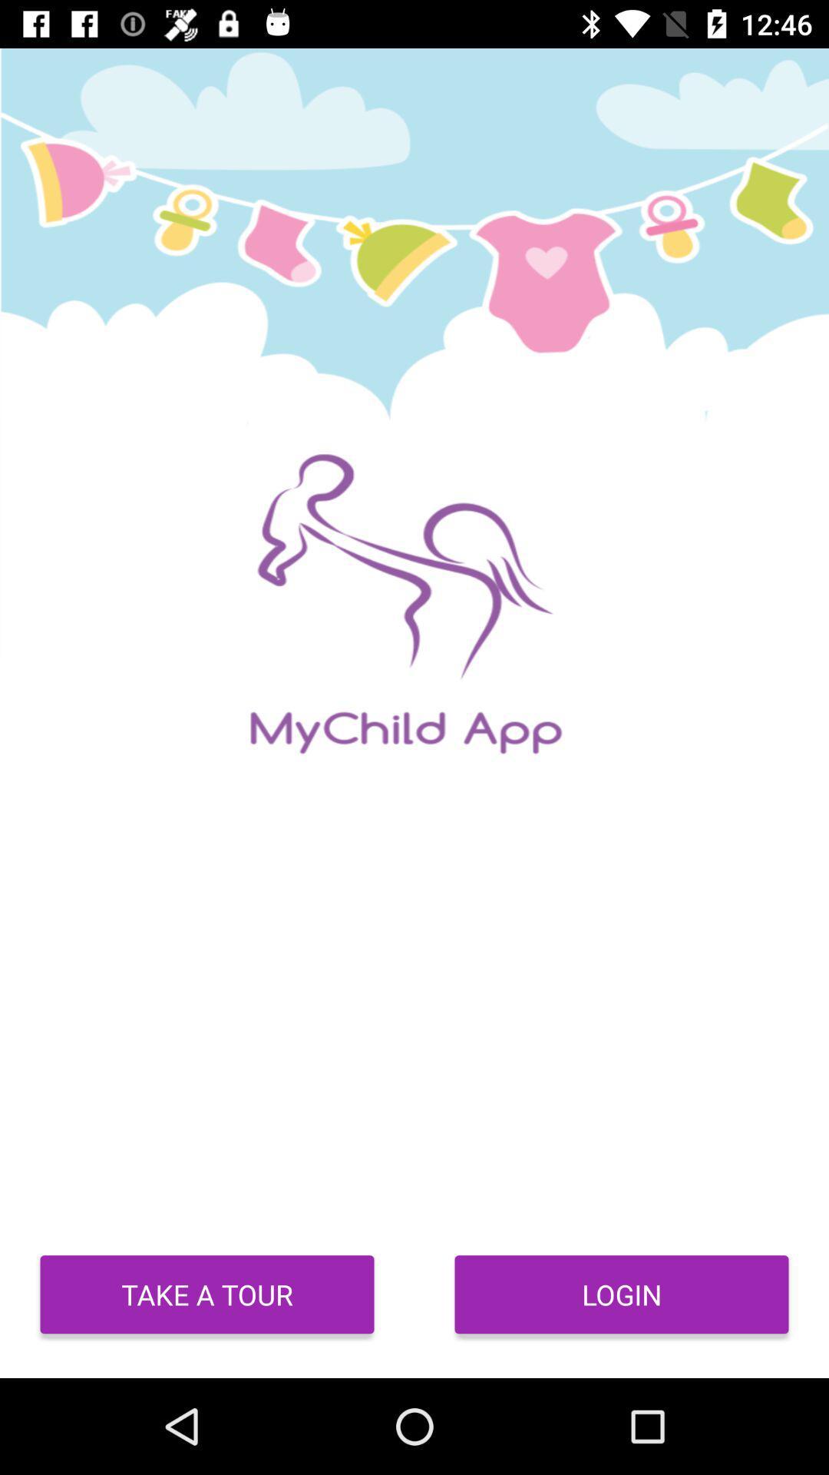 This screenshot has width=829, height=1475. What do you see at coordinates (207, 1294) in the screenshot?
I see `take a tour icon` at bounding box center [207, 1294].